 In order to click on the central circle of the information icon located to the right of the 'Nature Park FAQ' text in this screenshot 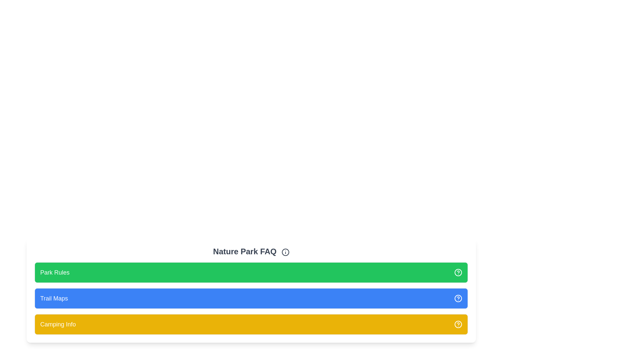, I will do `click(285, 252)`.